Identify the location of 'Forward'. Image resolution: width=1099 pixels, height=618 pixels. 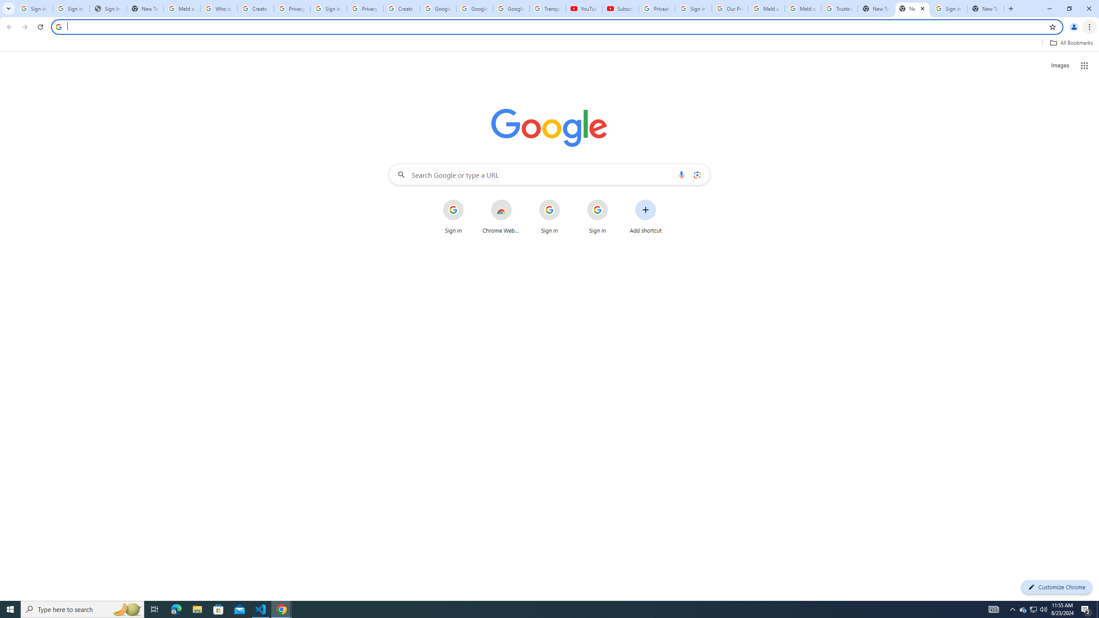
(24, 27).